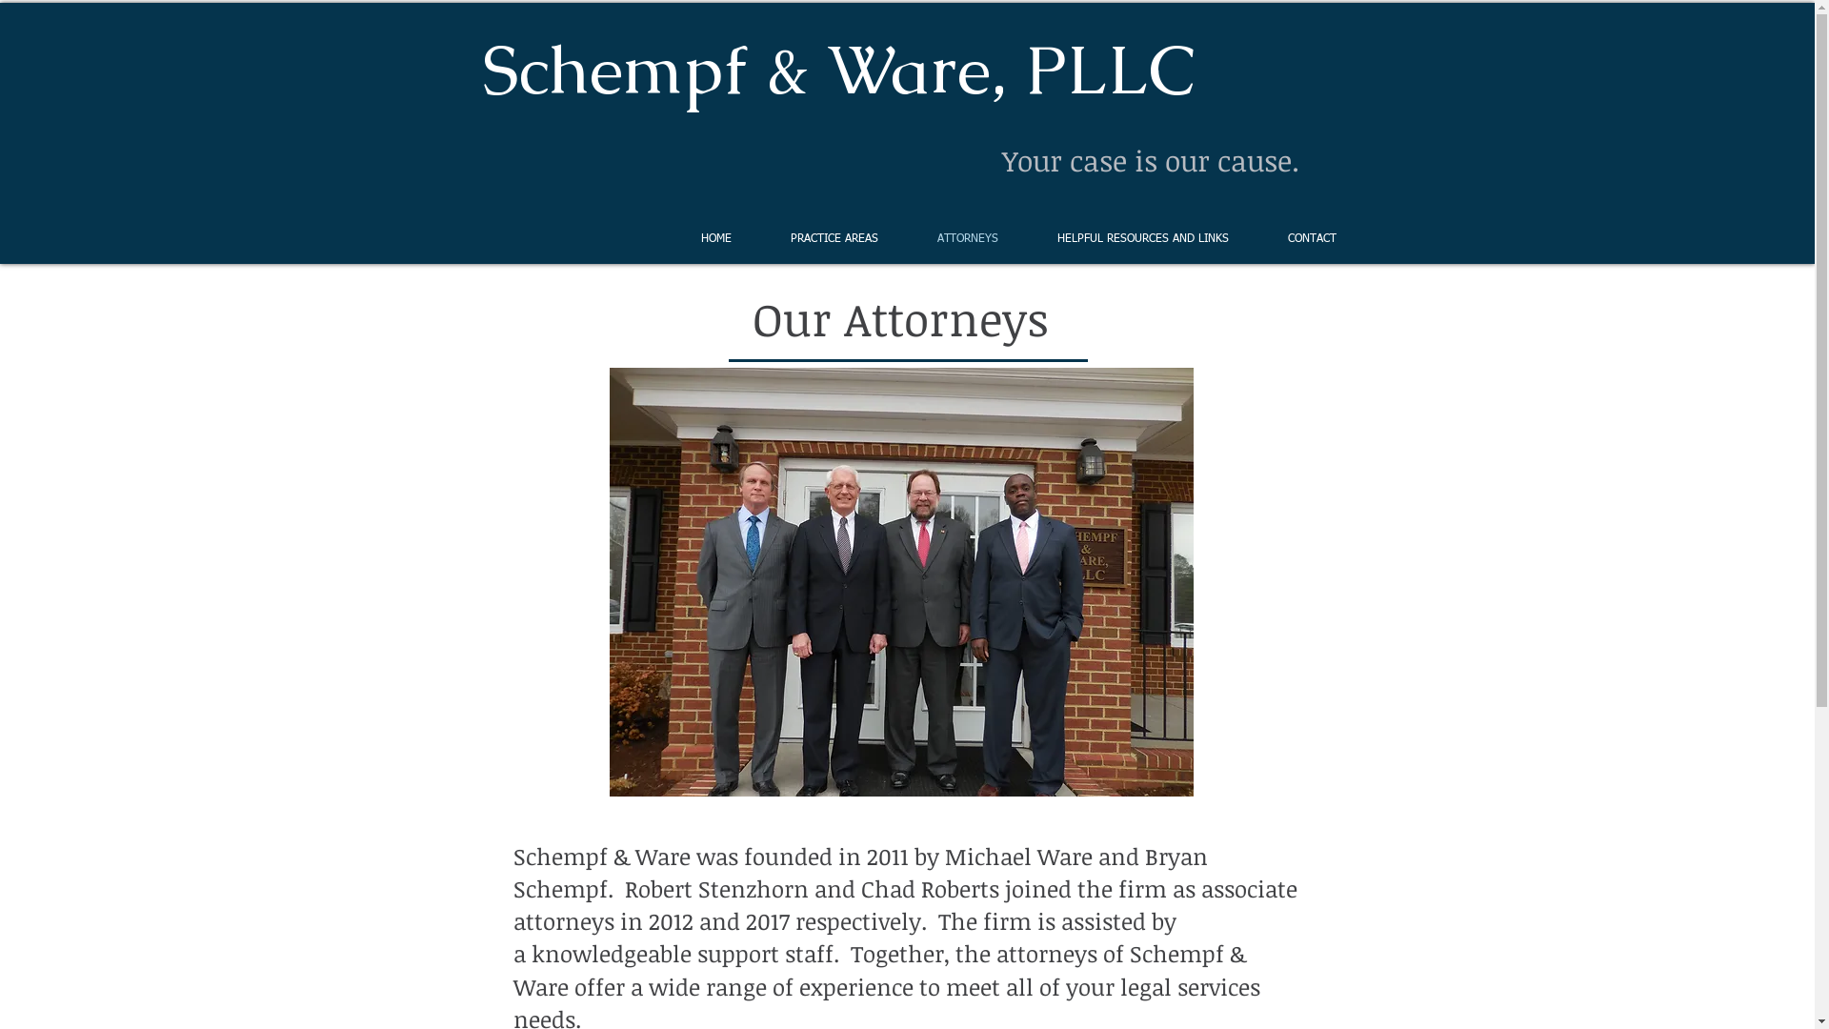  Describe the element at coordinates (966, 238) in the screenshot. I see `'ATTORNEYS'` at that location.